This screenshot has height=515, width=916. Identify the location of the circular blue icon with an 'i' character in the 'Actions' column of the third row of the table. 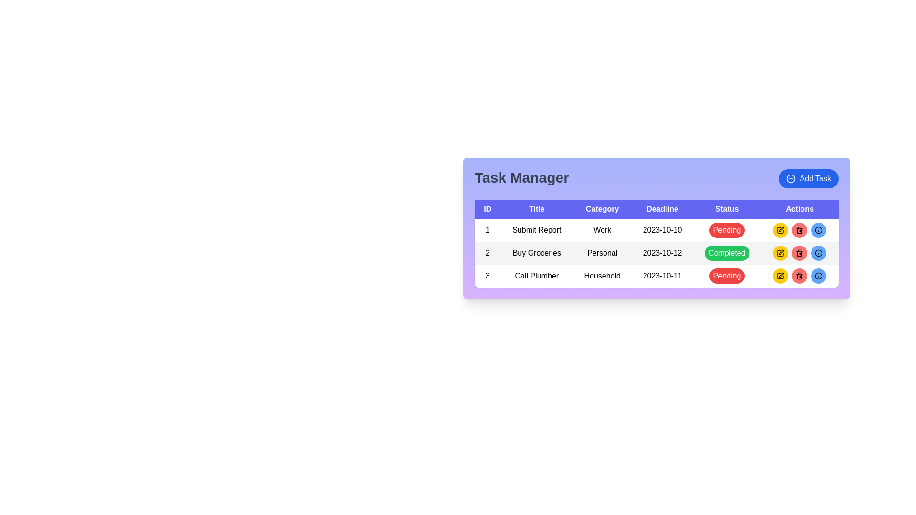
(818, 230).